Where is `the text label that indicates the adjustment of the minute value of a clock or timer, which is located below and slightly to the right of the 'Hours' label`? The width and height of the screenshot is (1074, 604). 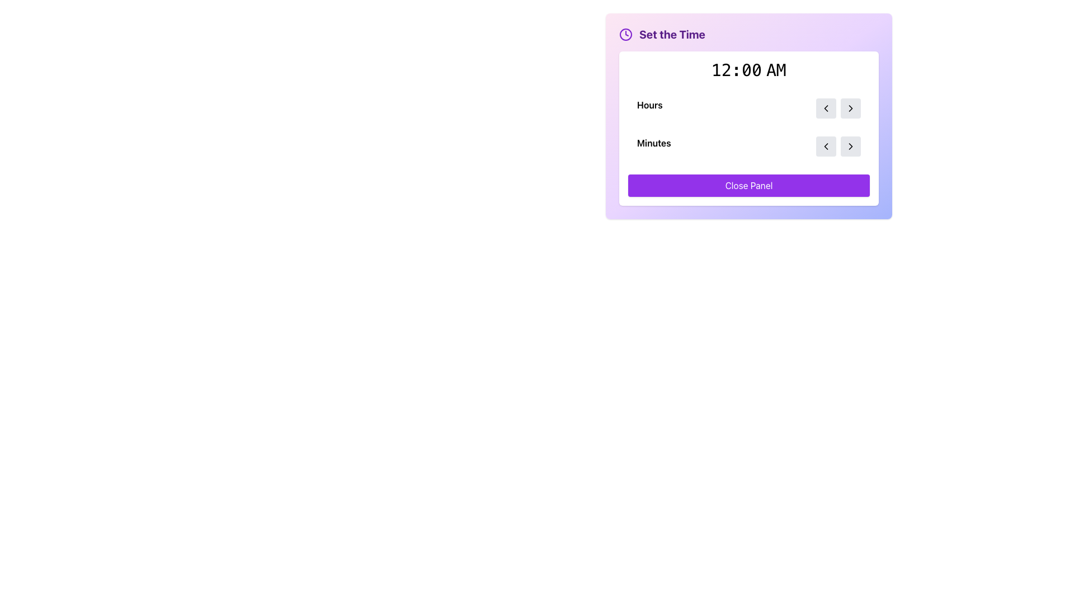 the text label that indicates the adjustment of the minute value of a clock or timer, which is located below and slightly to the right of the 'Hours' label is located at coordinates (654, 146).